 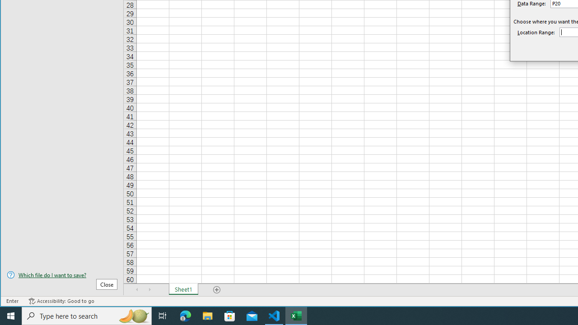 I want to click on 'Sheet1', so click(x=183, y=289).